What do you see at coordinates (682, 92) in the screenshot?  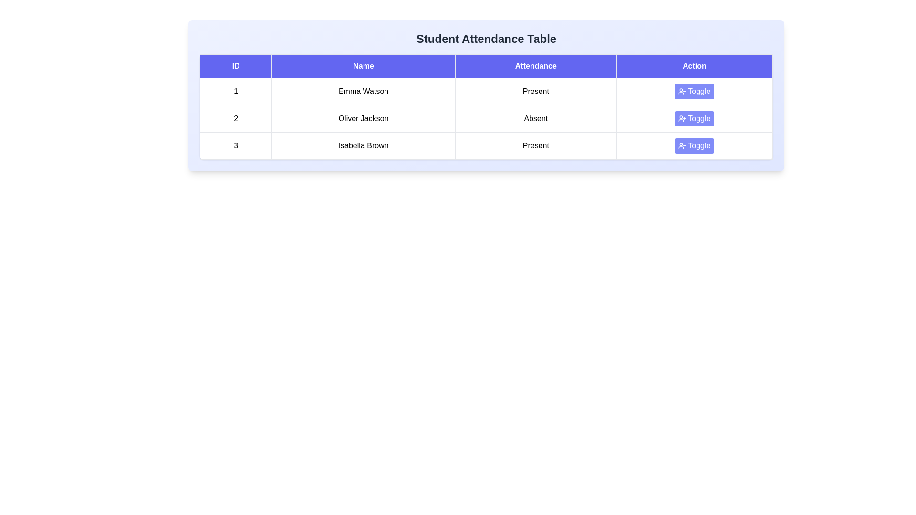 I see `tooltip or description of the user-minus icon located within the first 'Toggle' button in the 'Action' column of the table, associated with the first row of data` at bounding box center [682, 92].